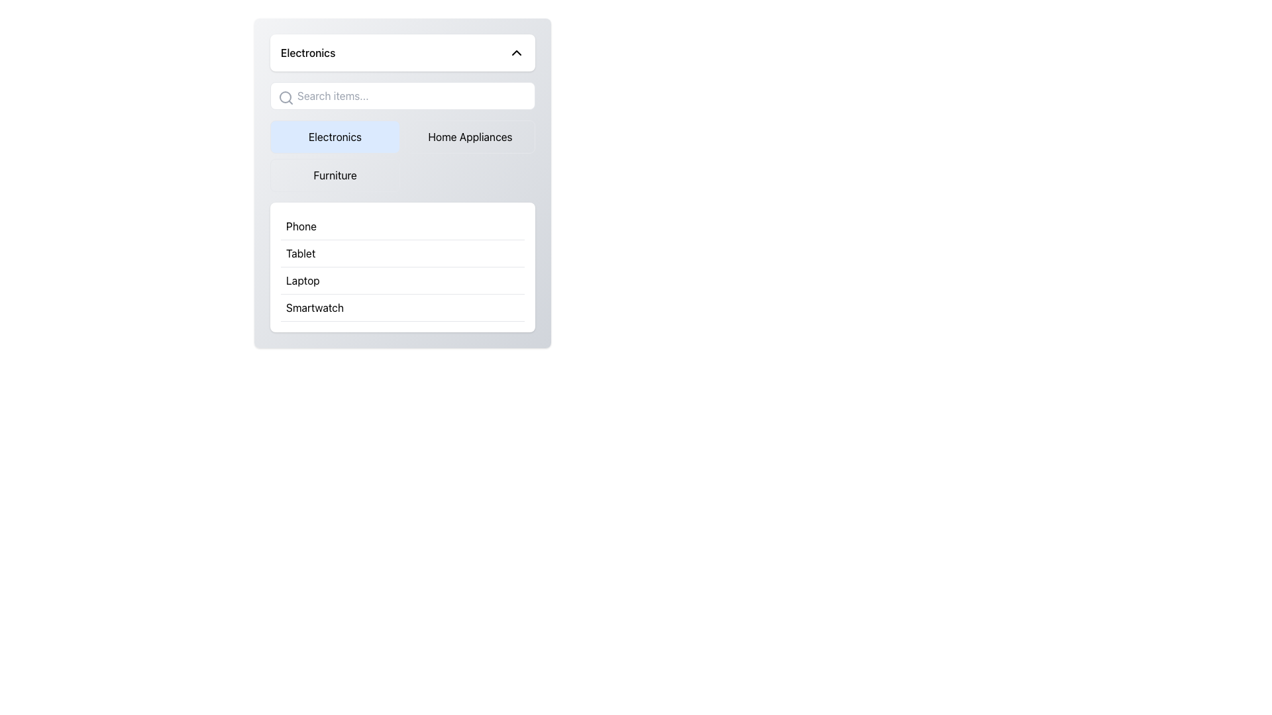  Describe the element at coordinates (302, 280) in the screenshot. I see `text 'Laptop' located in the third position of the list under the 'Electronics' category` at that location.